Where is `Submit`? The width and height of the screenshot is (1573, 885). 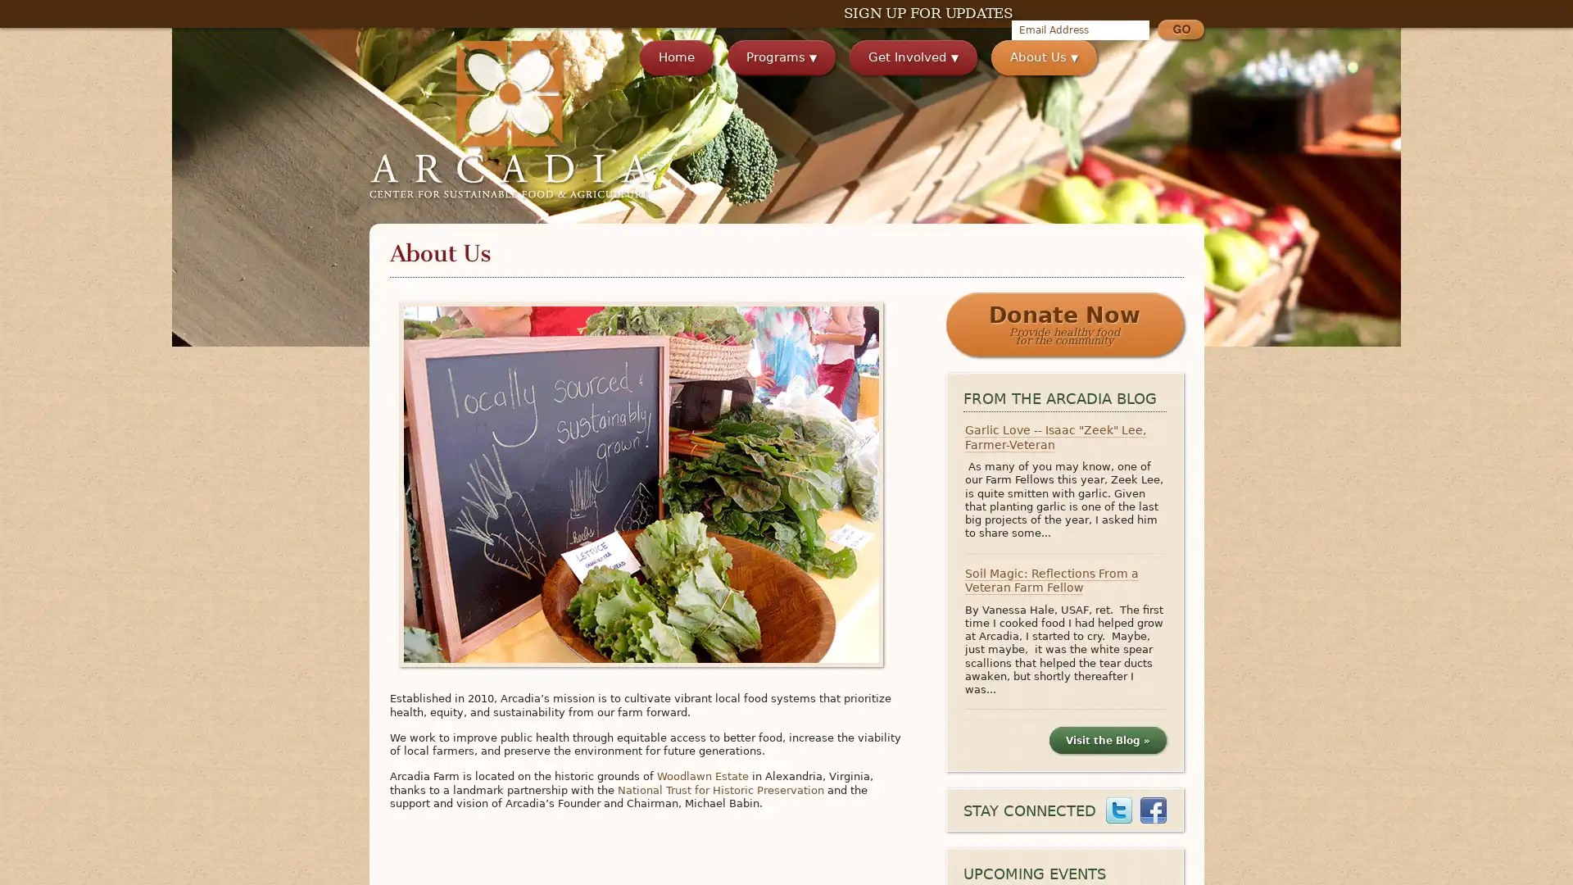 Submit is located at coordinates (1180, 31).